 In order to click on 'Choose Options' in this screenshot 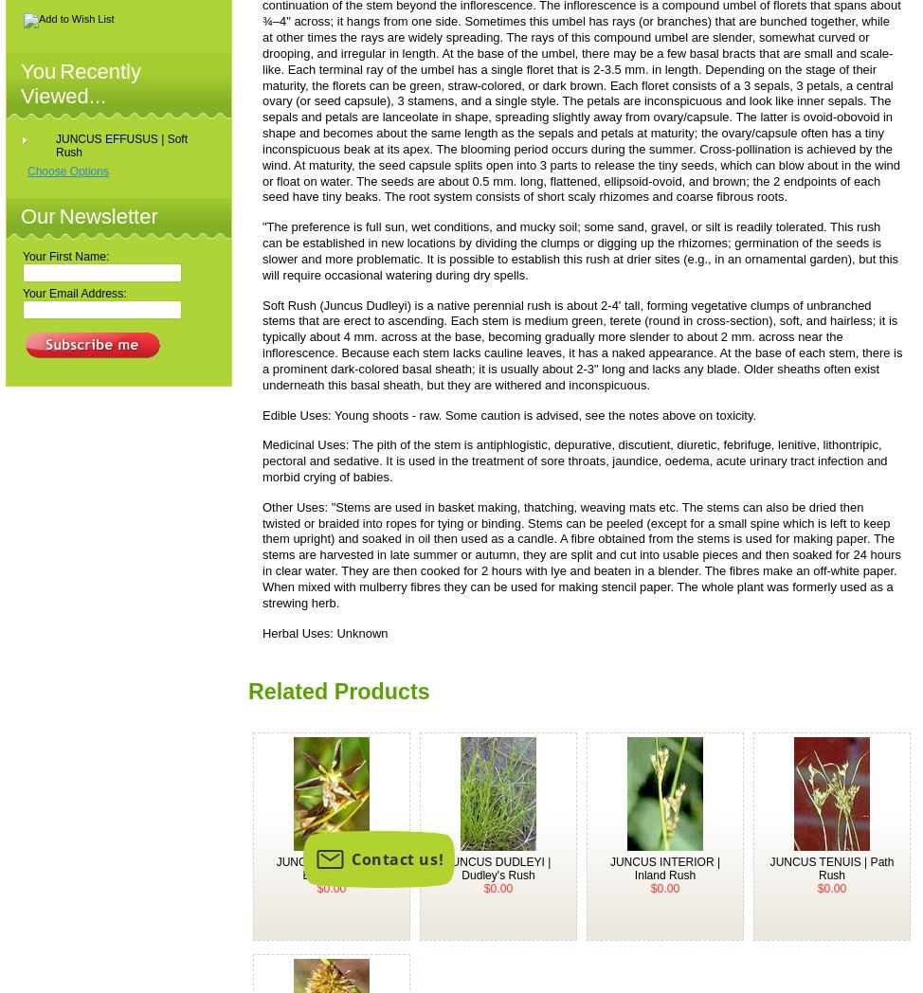, I will do `click(67, 170)`.